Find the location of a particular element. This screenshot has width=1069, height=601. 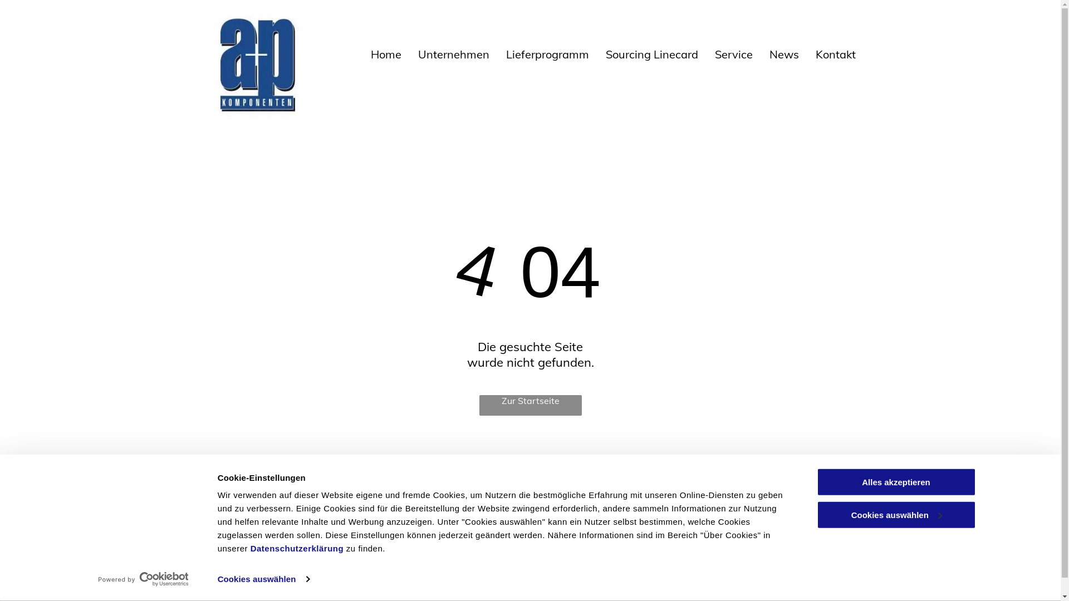

'Home' is located at coordinates (377, 54).